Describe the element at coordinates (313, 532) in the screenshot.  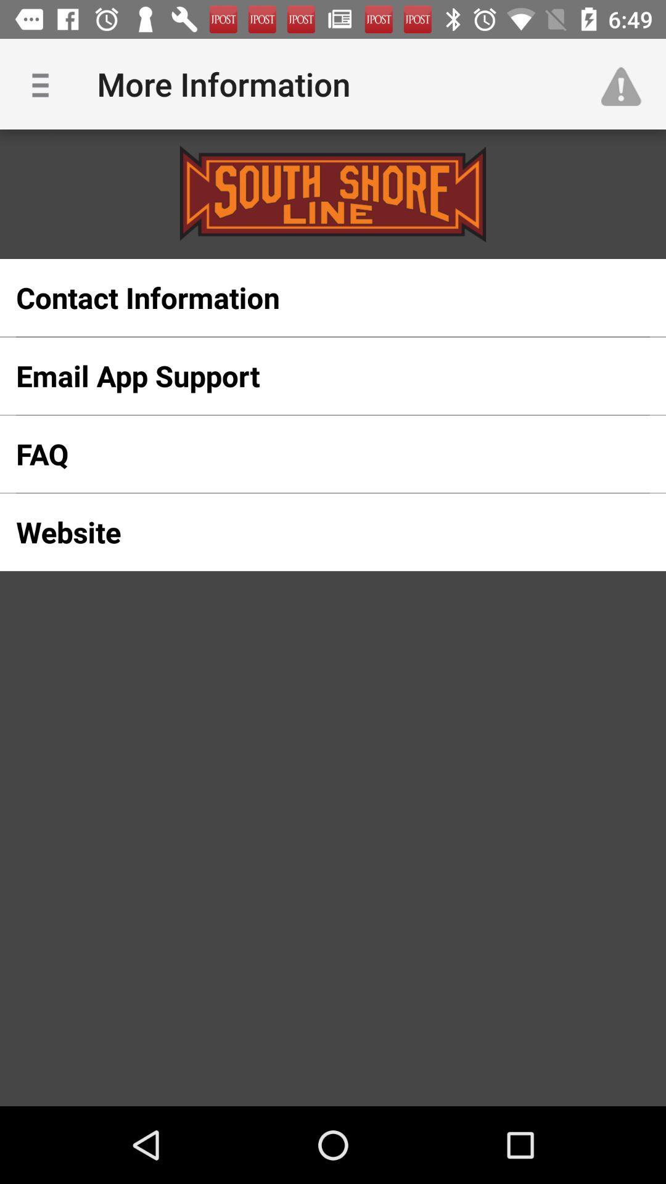
I see `the icon below the faq item` at that location.